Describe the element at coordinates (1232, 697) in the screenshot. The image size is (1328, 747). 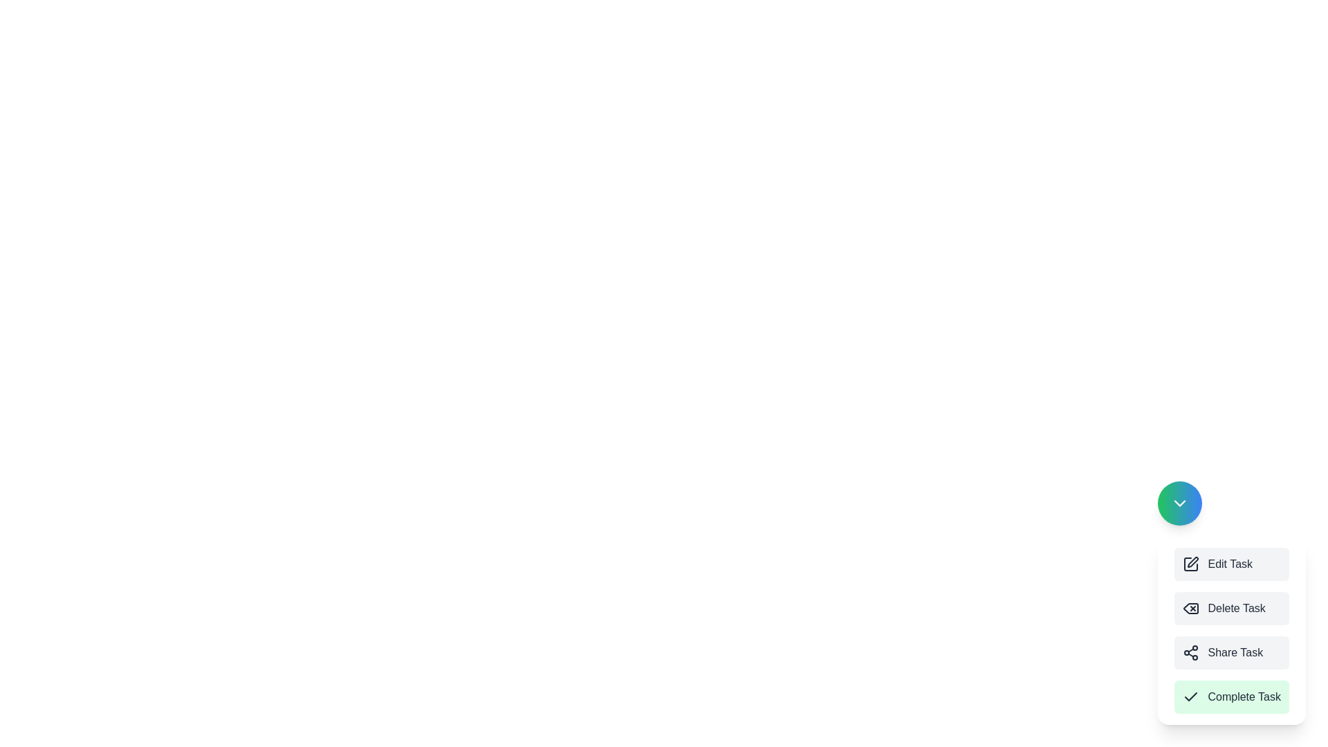
I see `the menu option corresponding to Complete Task` at that location.